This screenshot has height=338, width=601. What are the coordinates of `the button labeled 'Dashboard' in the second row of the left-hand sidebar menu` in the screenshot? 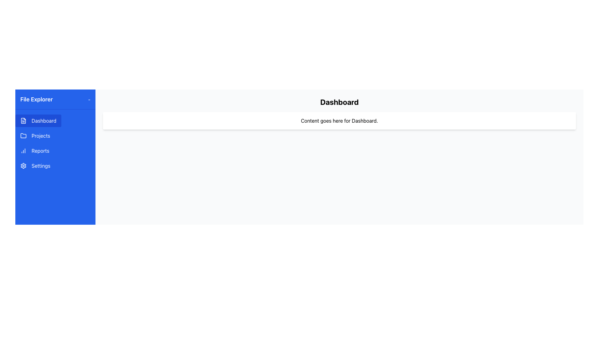 It's located at (44, 120).